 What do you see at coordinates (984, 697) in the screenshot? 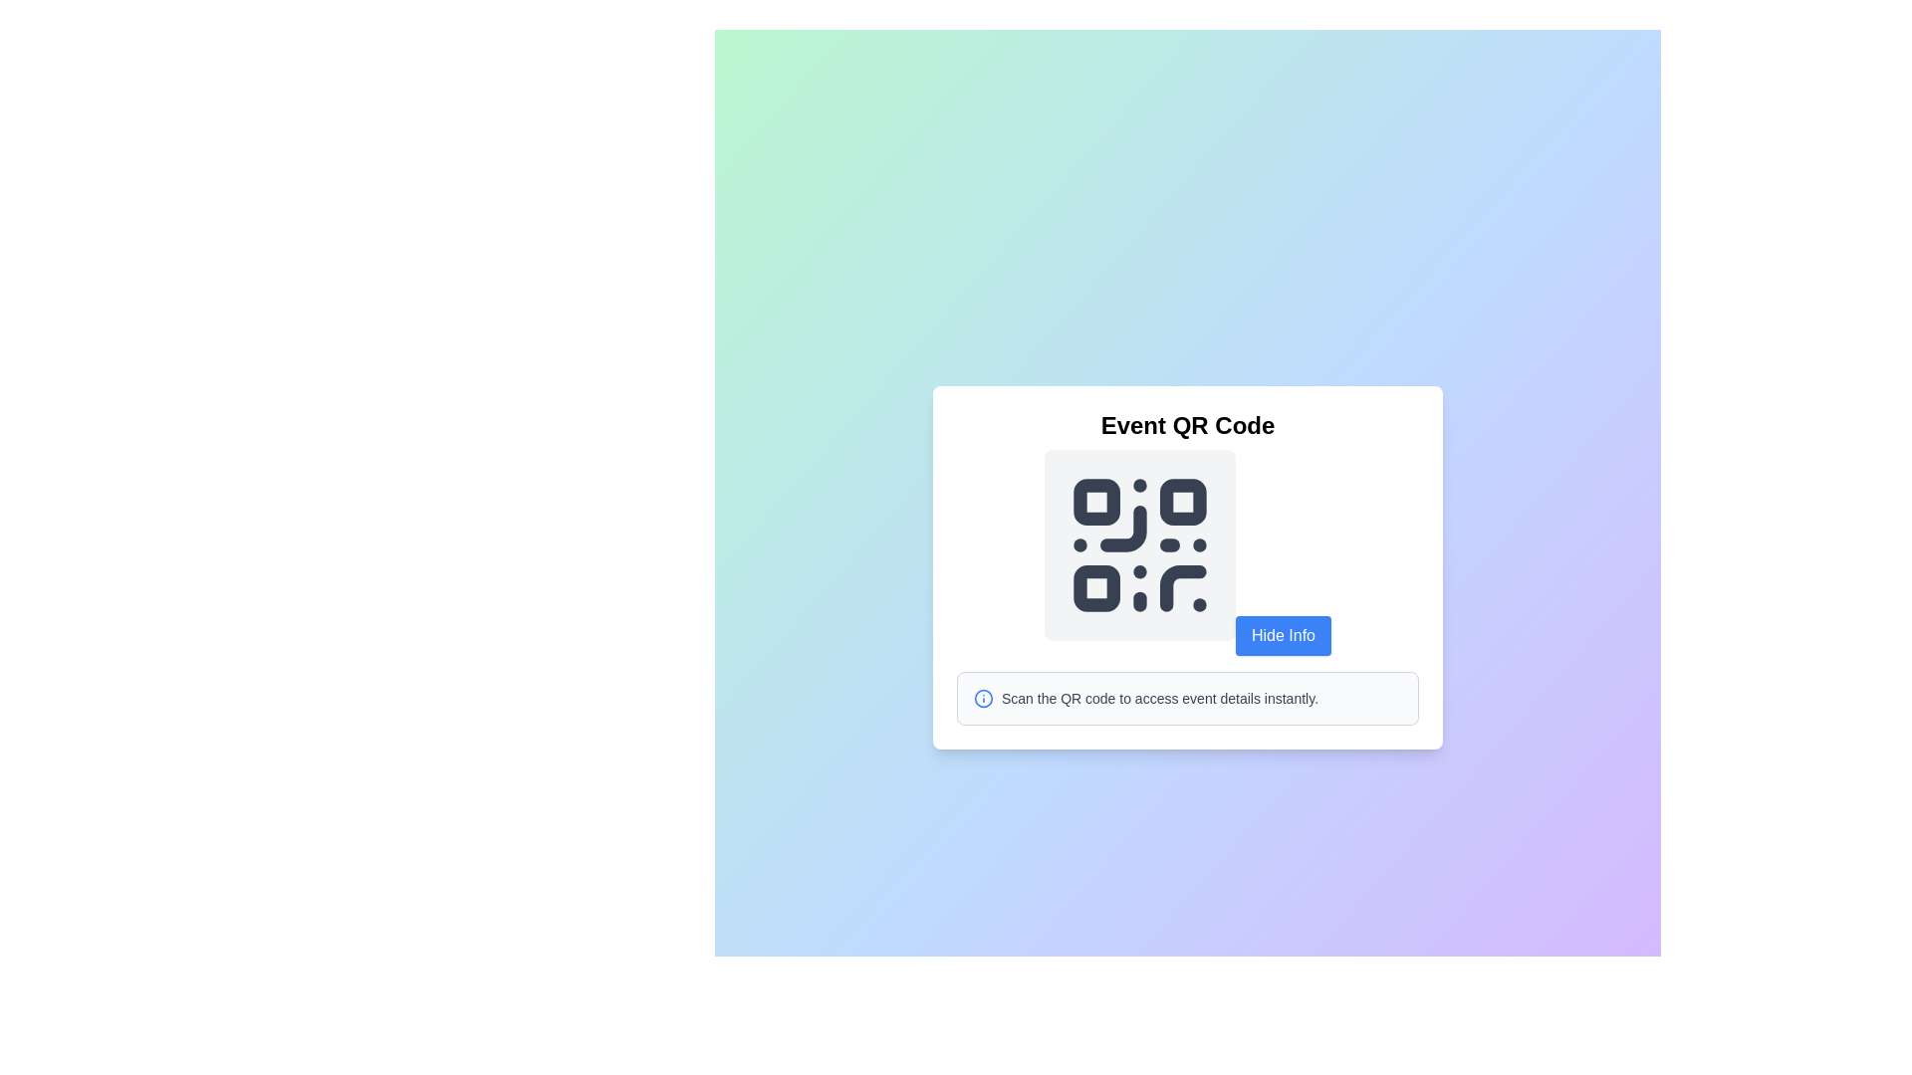
I see `the SVG circle element, which is the leftmost part of the information icon located to the right of the 'Hide Info' button` at bounding box center [984, 697].